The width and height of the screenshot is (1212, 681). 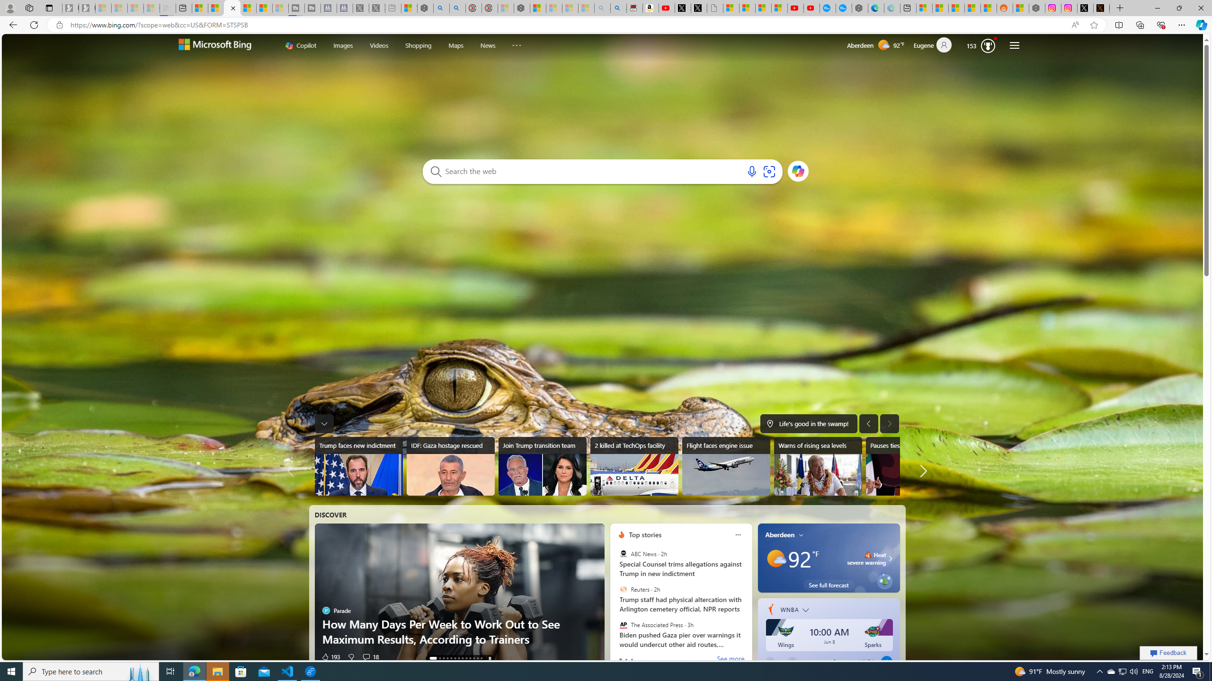 I want to click on 'Shanghai, China Weather trends | Microsoft Weather', so click(x=988, y=8).